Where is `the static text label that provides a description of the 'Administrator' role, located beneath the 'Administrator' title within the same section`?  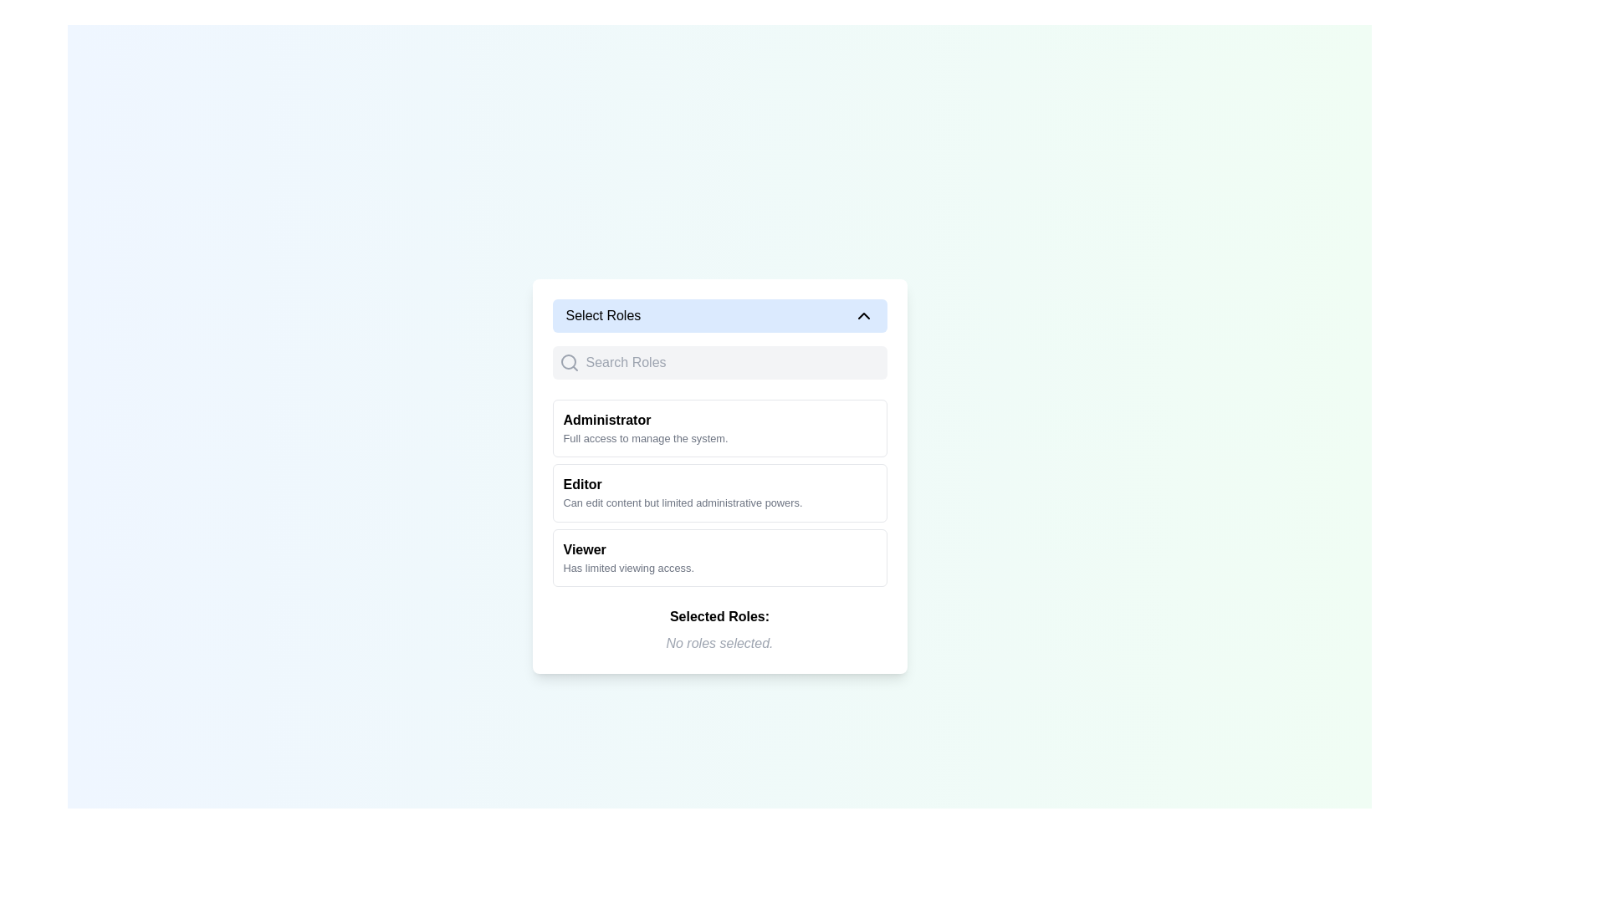 the static text label that provides a description of the 'Administrator' role, located beneath the 'Administrator' title within the same section is located at coordinates (645, 437).